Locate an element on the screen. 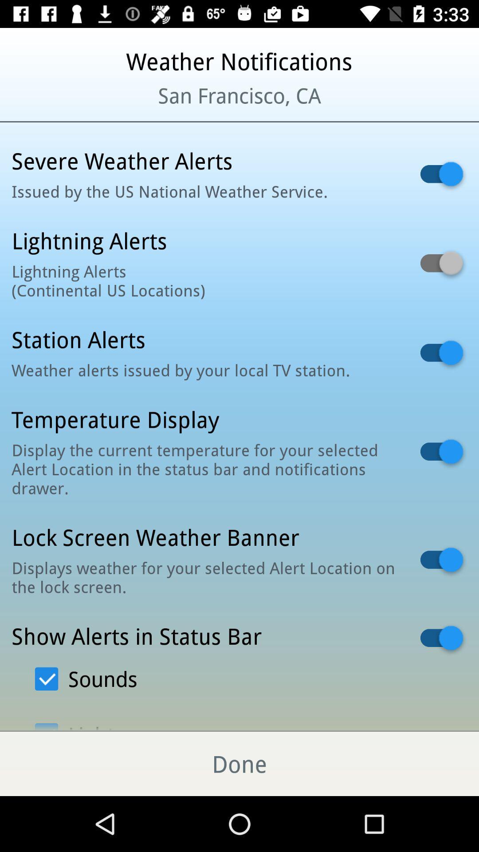  the icon next to the san francisco, ca item is located at coordinates (58, 106).